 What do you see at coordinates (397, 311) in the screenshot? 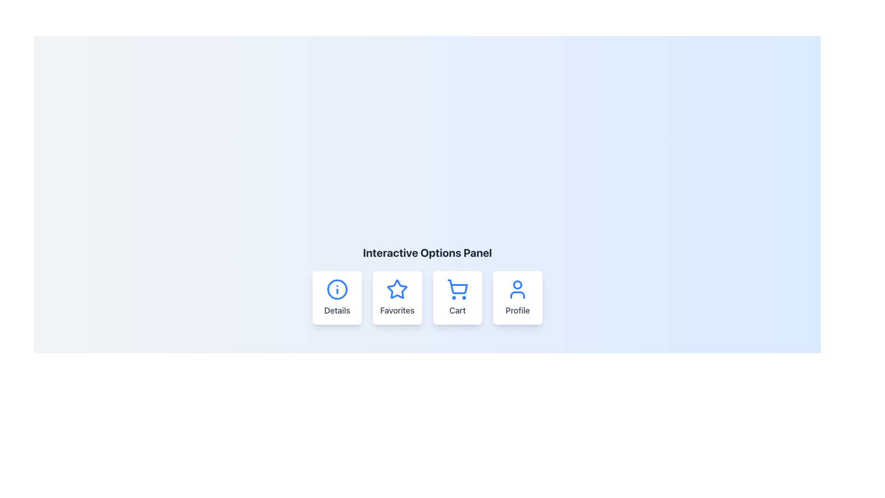
I see `the 'Favorites' text label, which provides descriptive information for the associated star icon located centrally beneath the star icon in the Interactive Options Panel` at bounding box center [397, 311].